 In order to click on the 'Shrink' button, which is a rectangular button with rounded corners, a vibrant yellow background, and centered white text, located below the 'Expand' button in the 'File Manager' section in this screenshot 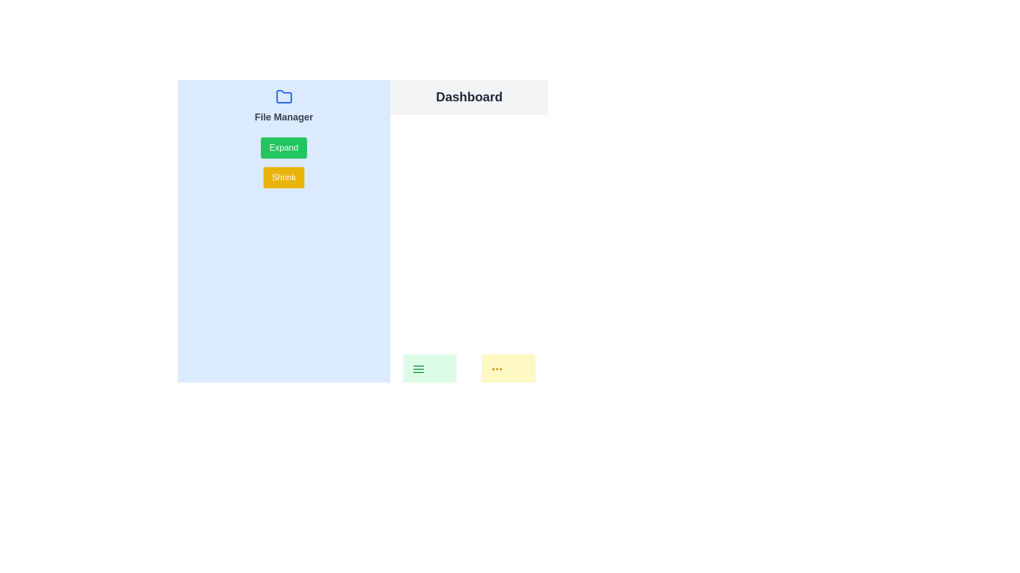, I will do `click(284, 177)`.